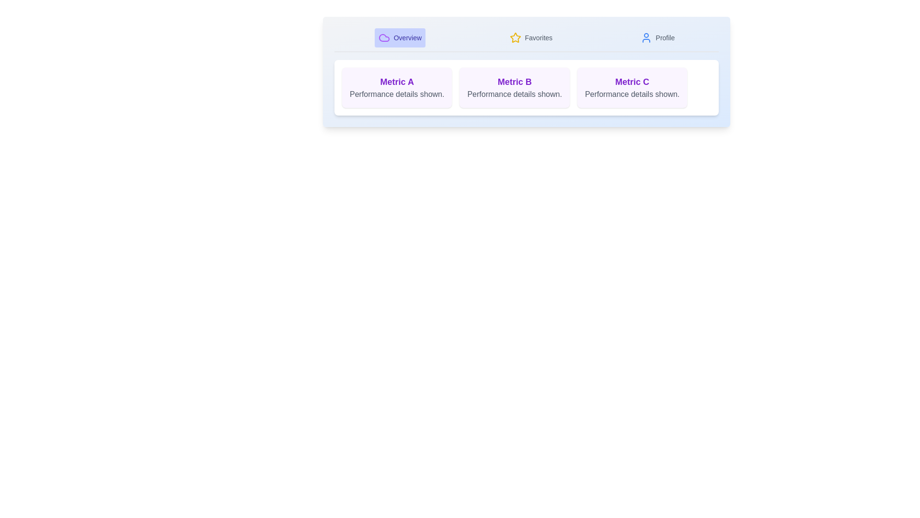 The image size is (920, 518). Describe the element at coordinates (657, 37) in the screenshot. I see `the tab labeled Profile by clicking on its corresponding label` at that location.